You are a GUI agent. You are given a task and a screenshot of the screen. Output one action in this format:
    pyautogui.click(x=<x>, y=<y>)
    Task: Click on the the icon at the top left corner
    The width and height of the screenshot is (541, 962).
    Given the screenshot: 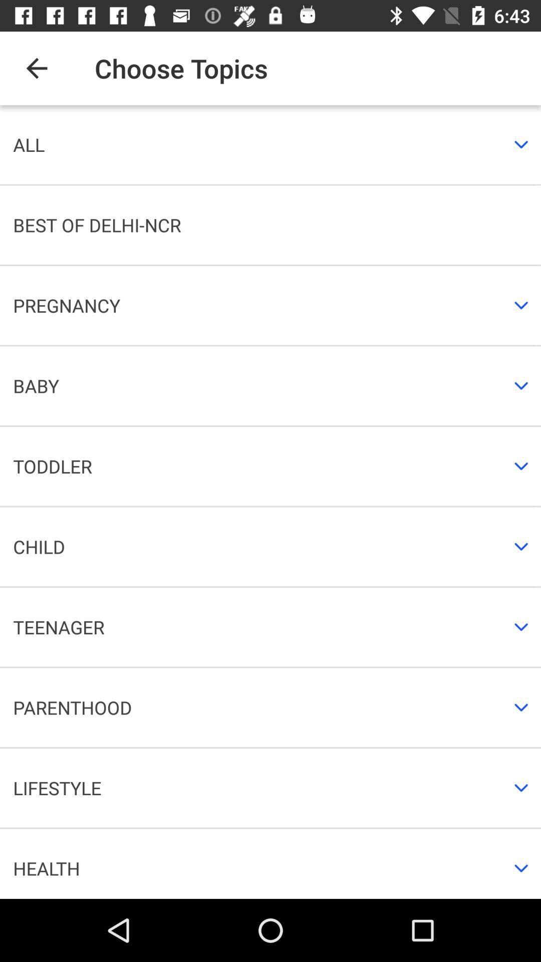 What is the action you would take?
    pyautogui.click(x=36, y=68)
    